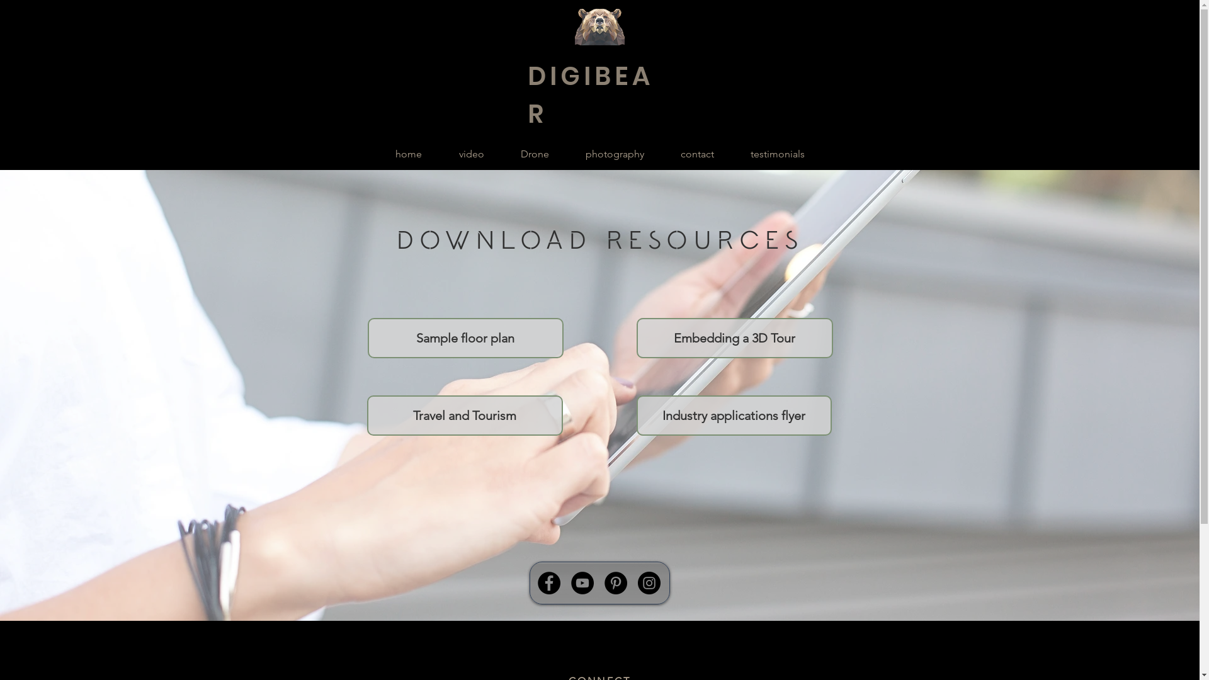 The width and height of the screenshot is (1209, 680). What do you see at coordinates (566, 154) in the screenshot?
I see `'photography'` at bounding box center [566, 154].